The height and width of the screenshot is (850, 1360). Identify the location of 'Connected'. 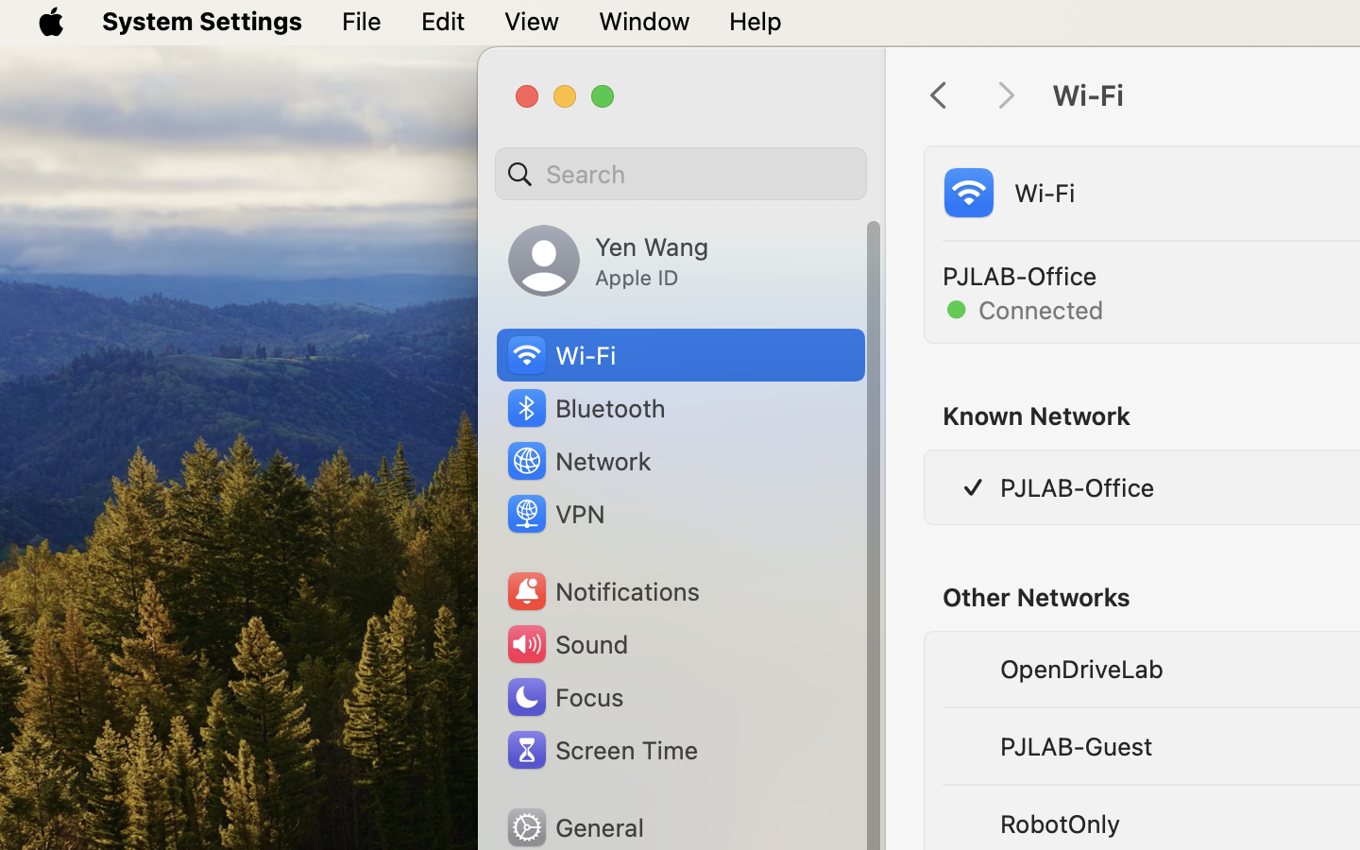
(1024, 308).